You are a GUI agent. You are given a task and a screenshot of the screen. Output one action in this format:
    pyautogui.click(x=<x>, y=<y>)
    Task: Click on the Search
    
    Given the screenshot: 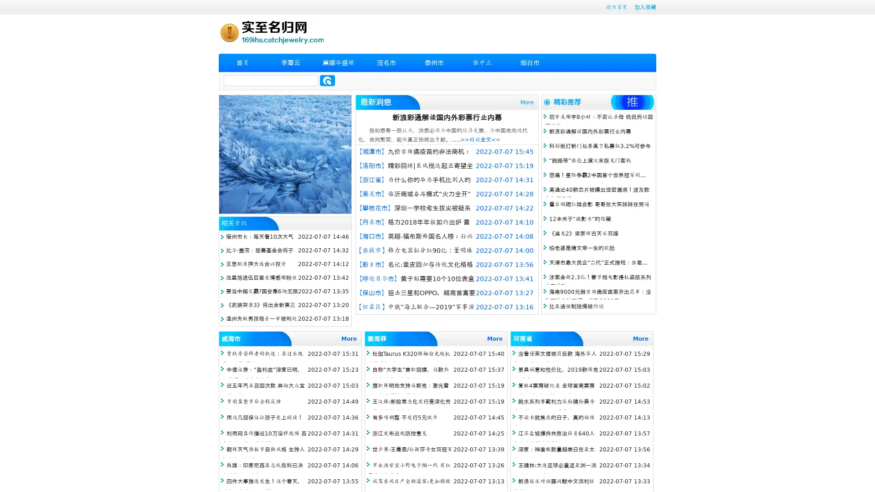 What is the action you would take?
    pyautogui.click(x=327, y=80)
    